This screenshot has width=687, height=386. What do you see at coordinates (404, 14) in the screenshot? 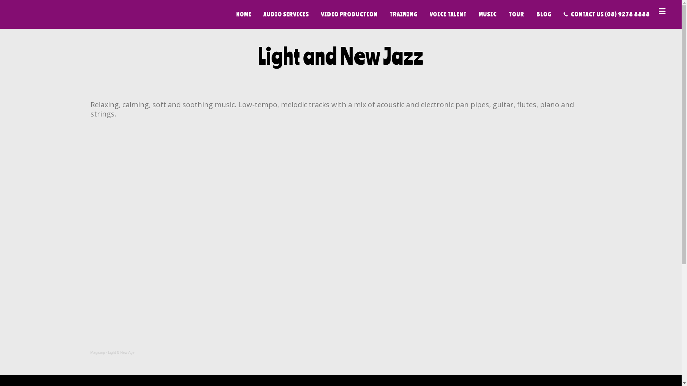
I see `'TRAINING'` at bounding box center [404, 14].